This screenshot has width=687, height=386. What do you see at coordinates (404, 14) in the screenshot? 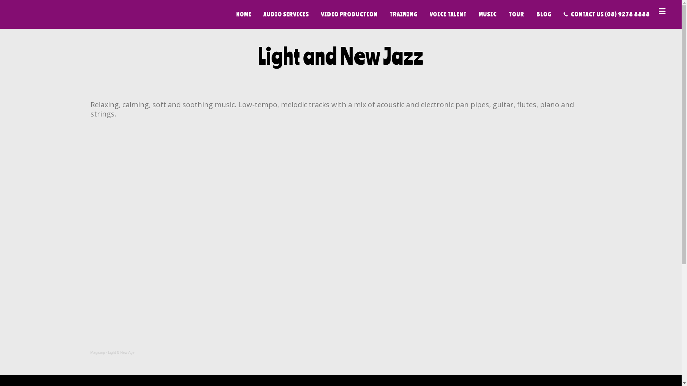
I see `'TRAINING'` at bounding box center [404, 14].